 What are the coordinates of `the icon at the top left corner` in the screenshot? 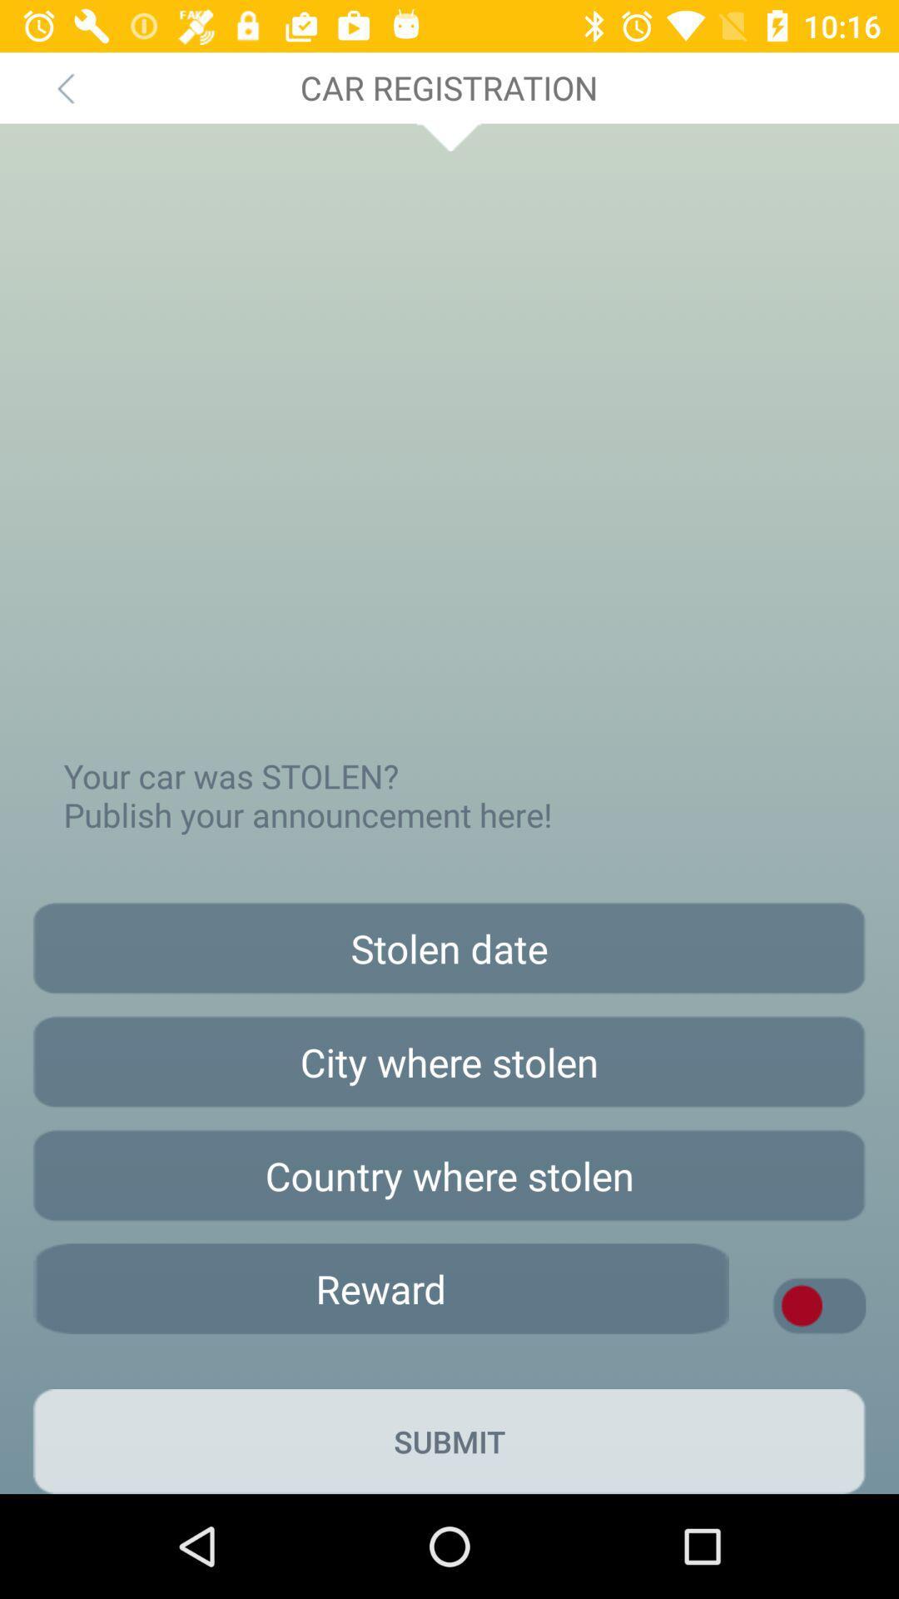 It's located at (64, 87).